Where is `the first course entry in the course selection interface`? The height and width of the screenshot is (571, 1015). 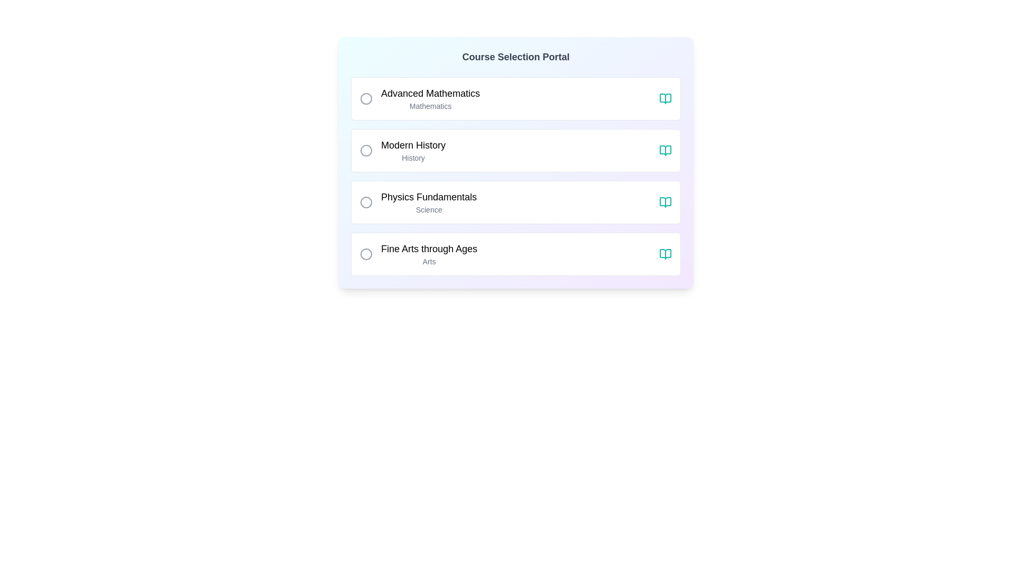
the first course entry in the course selection interface is located at coordinates (515, 98).